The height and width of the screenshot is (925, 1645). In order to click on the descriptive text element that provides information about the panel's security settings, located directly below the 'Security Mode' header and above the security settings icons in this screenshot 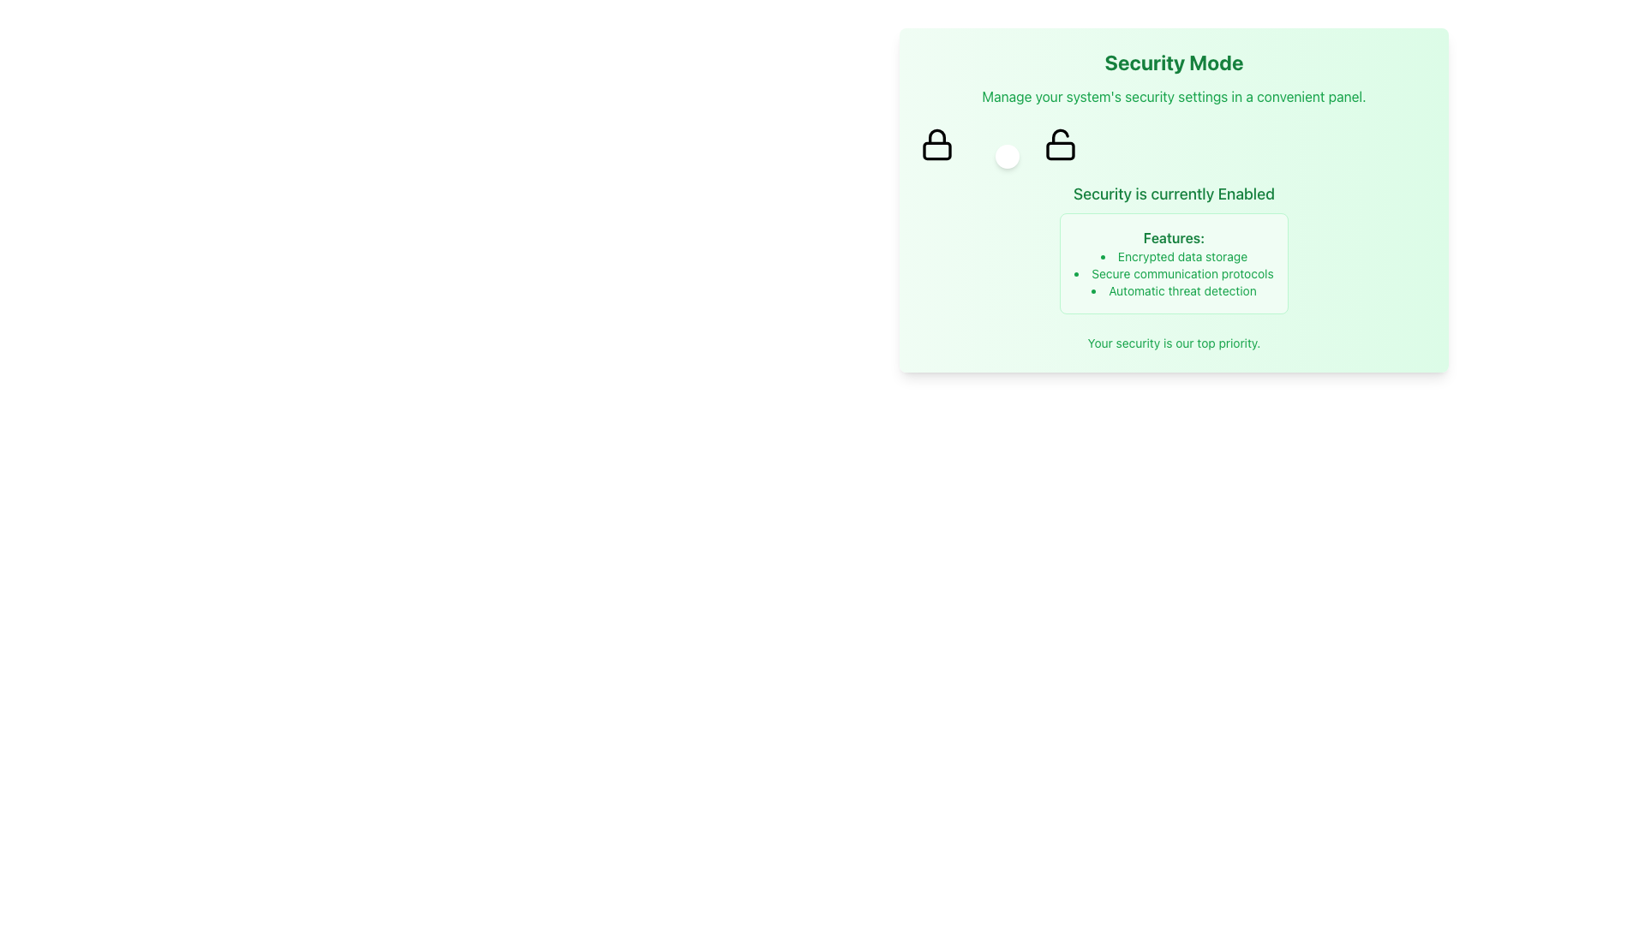, I will do `click(1173, 96)`.